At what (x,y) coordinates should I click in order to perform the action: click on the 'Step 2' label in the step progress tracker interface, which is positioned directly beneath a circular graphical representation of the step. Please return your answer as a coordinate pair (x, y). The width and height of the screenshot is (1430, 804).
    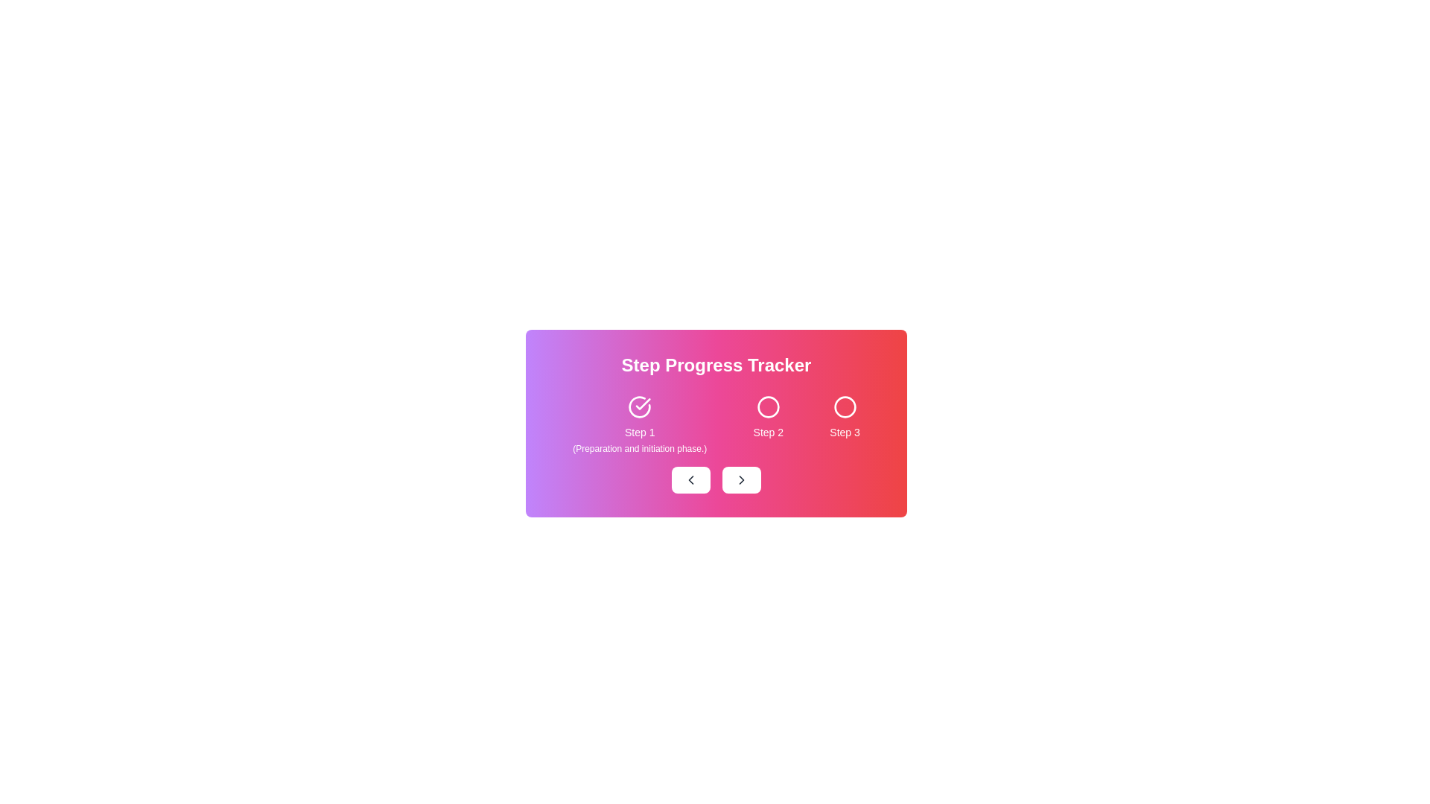
    Looking at the image, I should click on (768, 433).